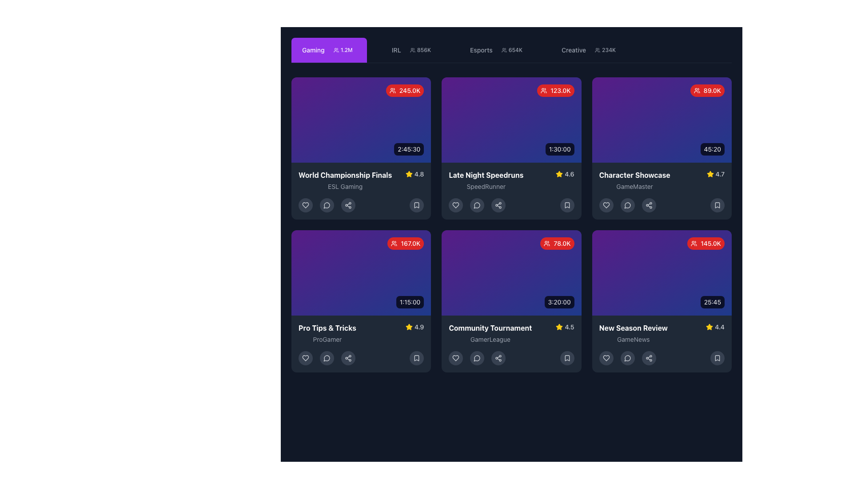 This screenshot has width=853, height=480. Describe the element at coordinates (416, 205) in the screenshot. I see `the circular button with a dark-gray background and bookmark icon` at that location.